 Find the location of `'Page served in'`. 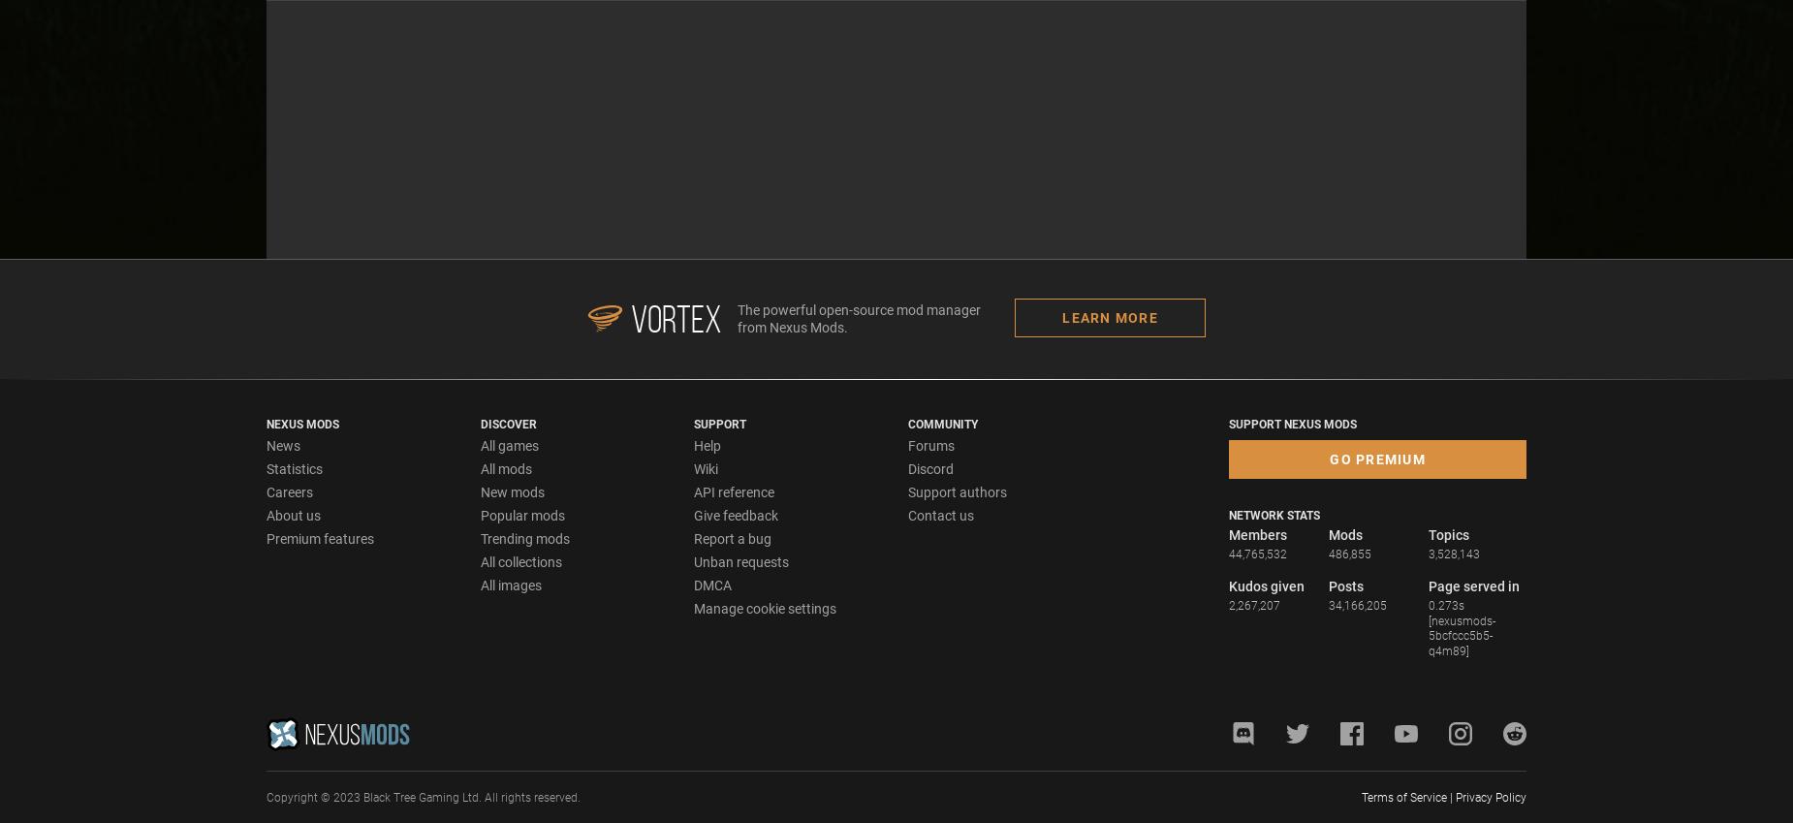

'Page served in' is located at coordinates (1474, 584).